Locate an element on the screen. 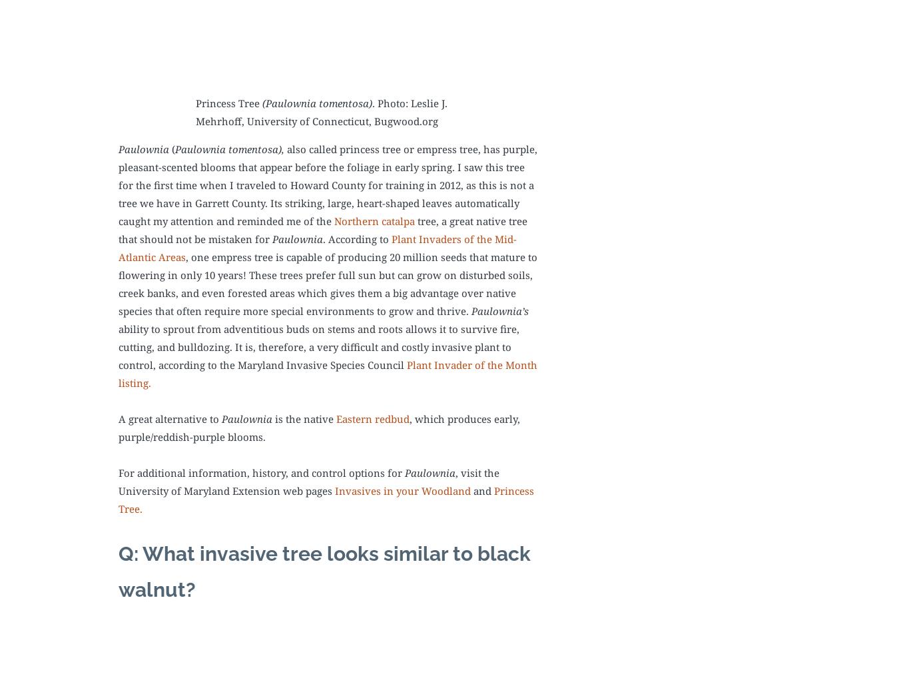 This screenshot has width=899, height=694. 'For additional information, history, and control options for' is located at coordinates (119, 472).